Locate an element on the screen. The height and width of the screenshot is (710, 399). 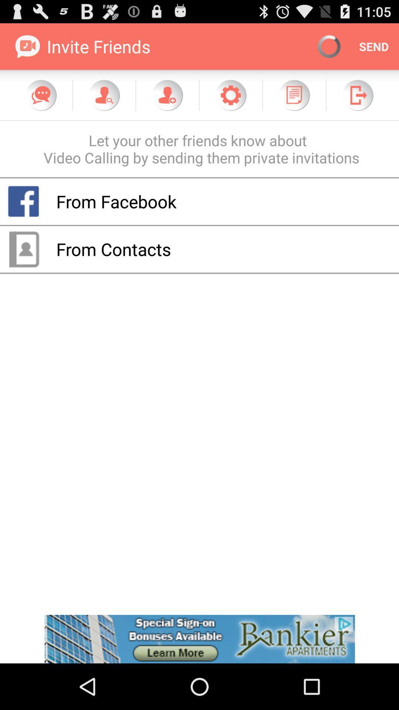
contact is located at coordinates (167, 95).